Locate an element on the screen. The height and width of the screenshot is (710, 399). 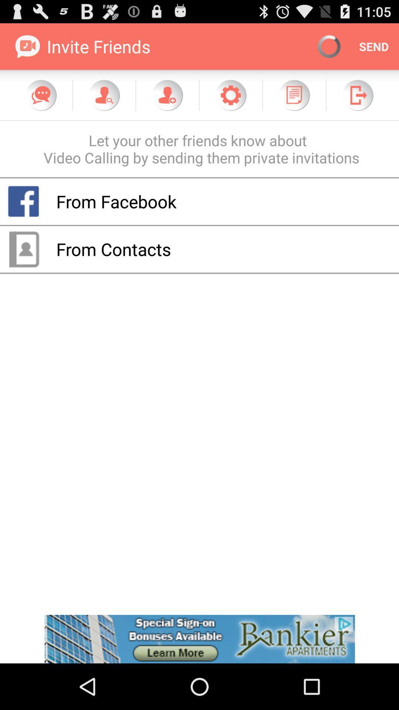
contact is located at coordinates (167, 95).